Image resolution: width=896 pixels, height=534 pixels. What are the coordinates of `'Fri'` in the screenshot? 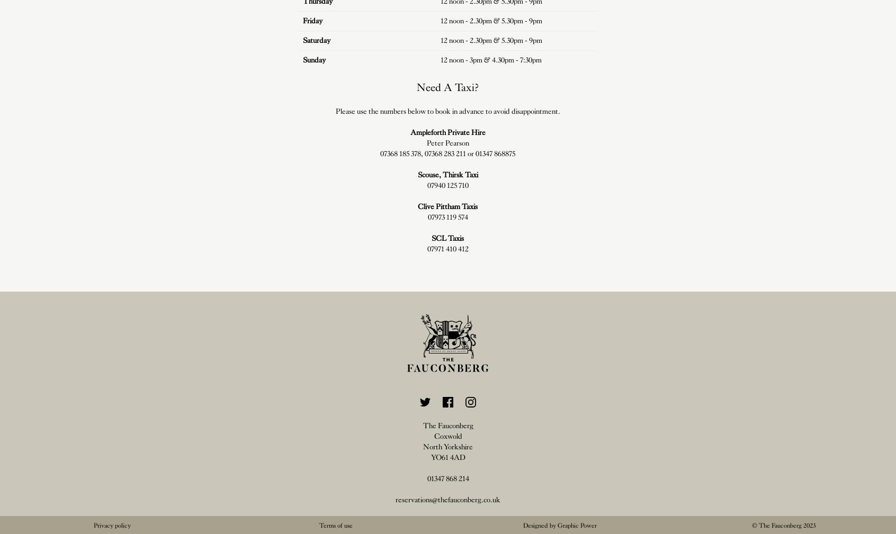 It's located at (306, 20).